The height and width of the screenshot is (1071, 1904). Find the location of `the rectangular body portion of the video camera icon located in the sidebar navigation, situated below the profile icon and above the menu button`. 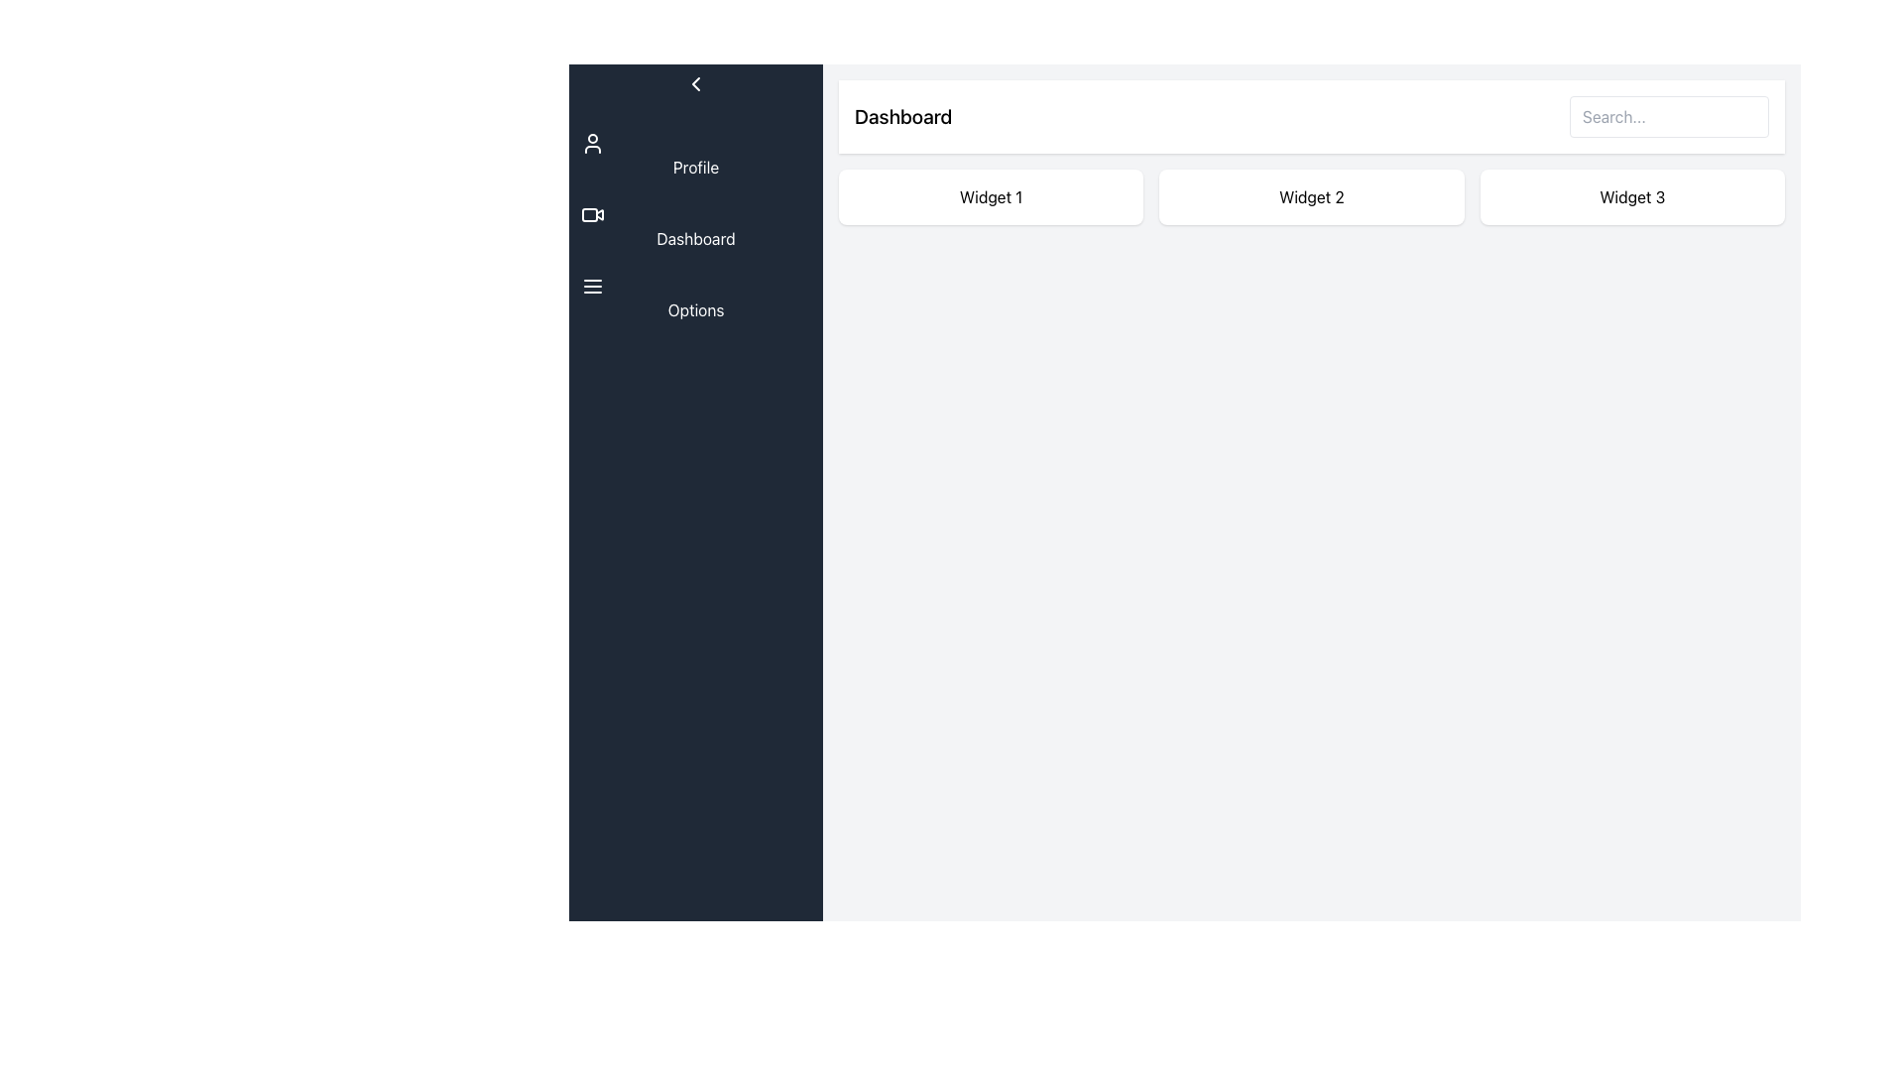

the rectangular body portion of the video camera icon located in the sidebar navigation, situated below the profile icon and above the menu button is located at coordinates (589, 214).